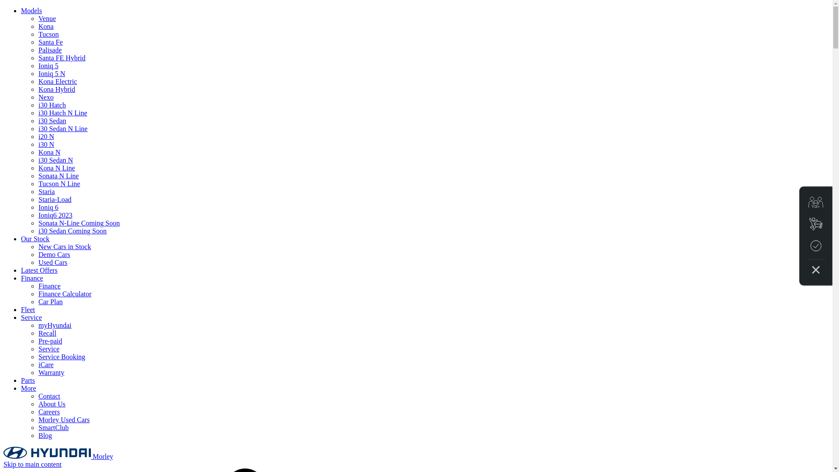 This screenshot has height=472, width=839. Describe the element at coordinates (49, 412) in the screenshot. I see `'Careers'` at that location.